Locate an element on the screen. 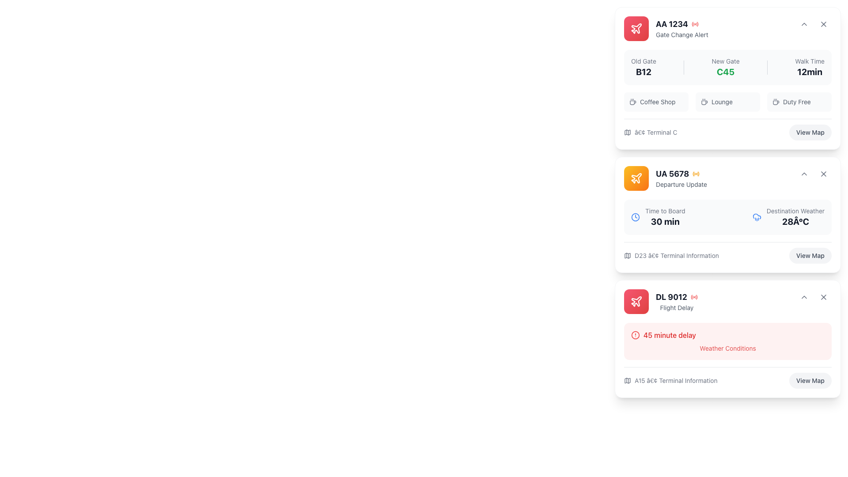  the airplane-shaped icon with a stroke-style drawing located within the circular button on the second notification card titled UA 5678 is located at coordinates (636, 178).